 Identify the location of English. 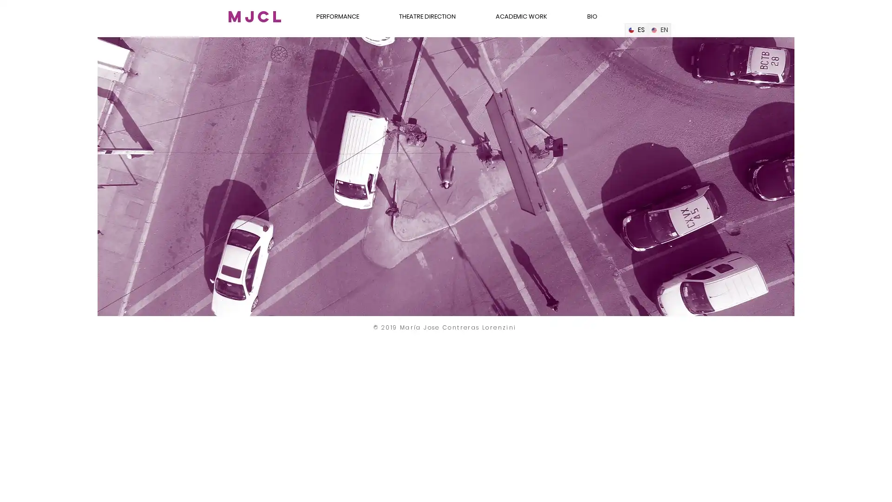
(659, 30).